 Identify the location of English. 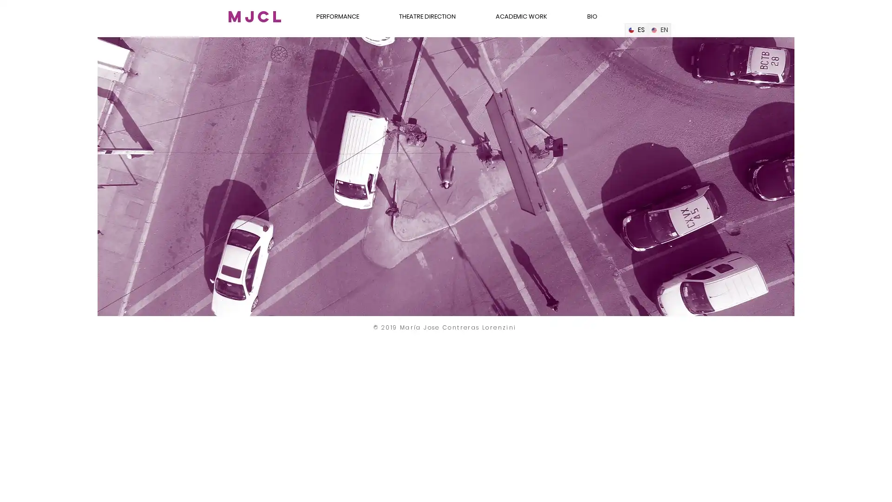
(659, 30).